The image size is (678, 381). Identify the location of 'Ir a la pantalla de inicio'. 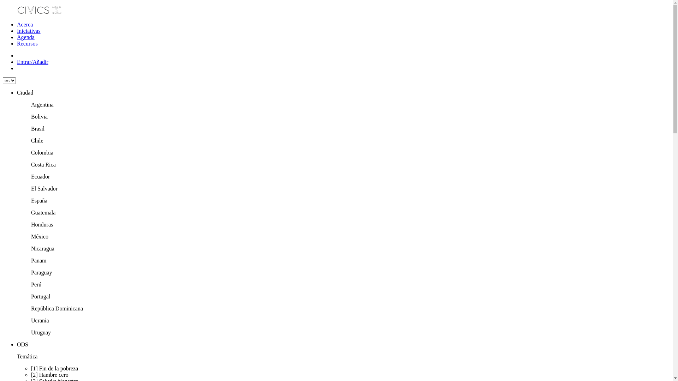
(40, 12).